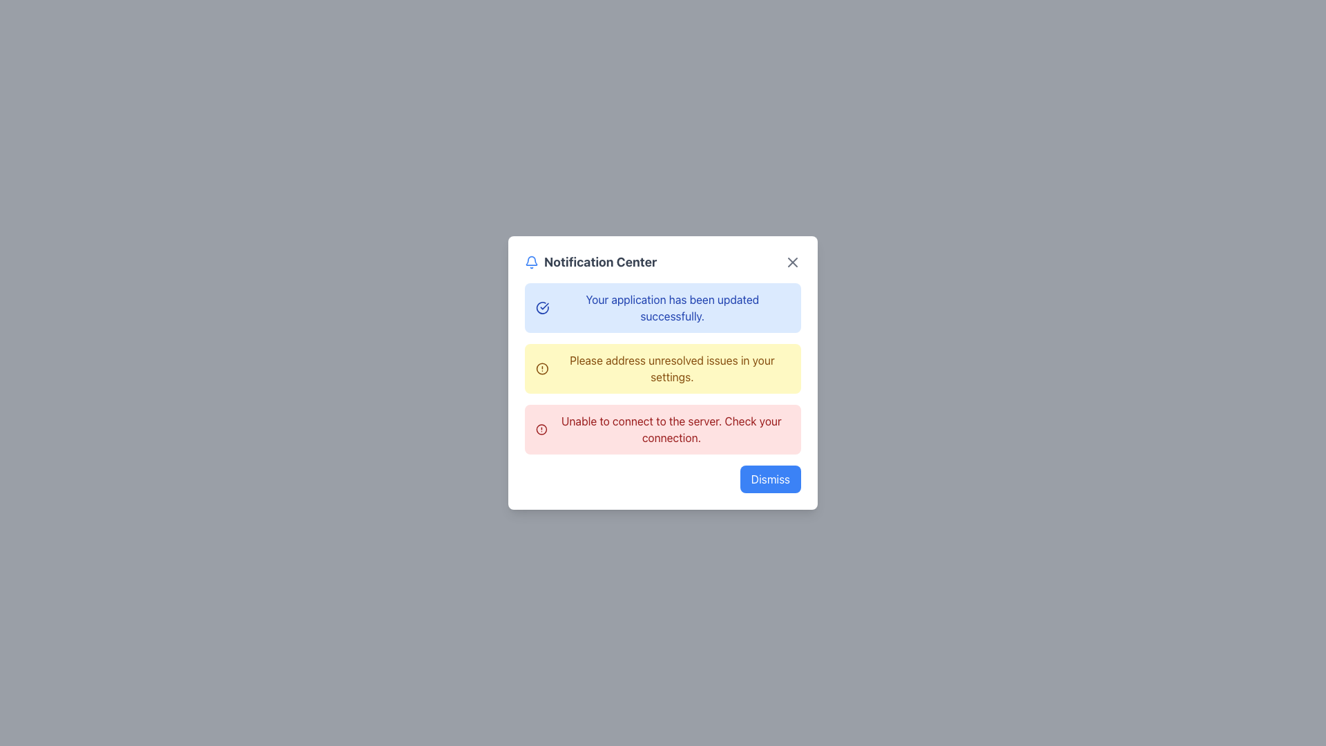  Describe the element at coordinates (541, 367) in the screenshot. I see `the circular alert icon with an exclamation mark inside, located to the left of the yellow notification message in the notification panel` at that location.